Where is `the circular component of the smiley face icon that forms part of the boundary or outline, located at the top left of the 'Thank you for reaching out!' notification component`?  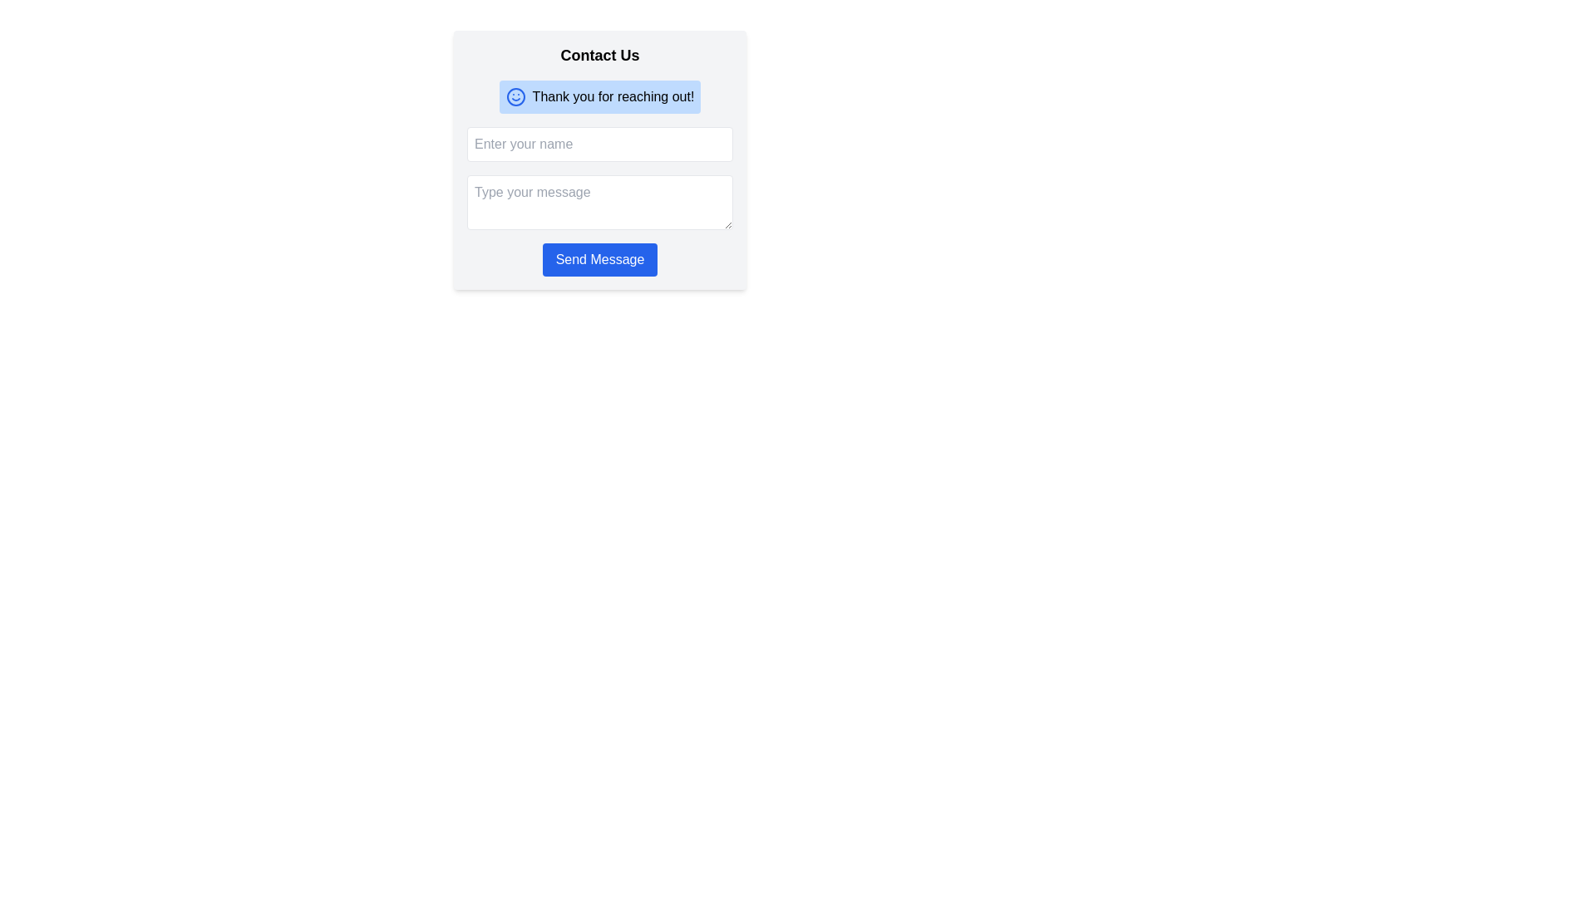 the circular component of the smiley face icon that forms part of the boundary or outline, located at the top left of the 'Thank you for reaching out!' notification component is located at coordinates (515, 96).